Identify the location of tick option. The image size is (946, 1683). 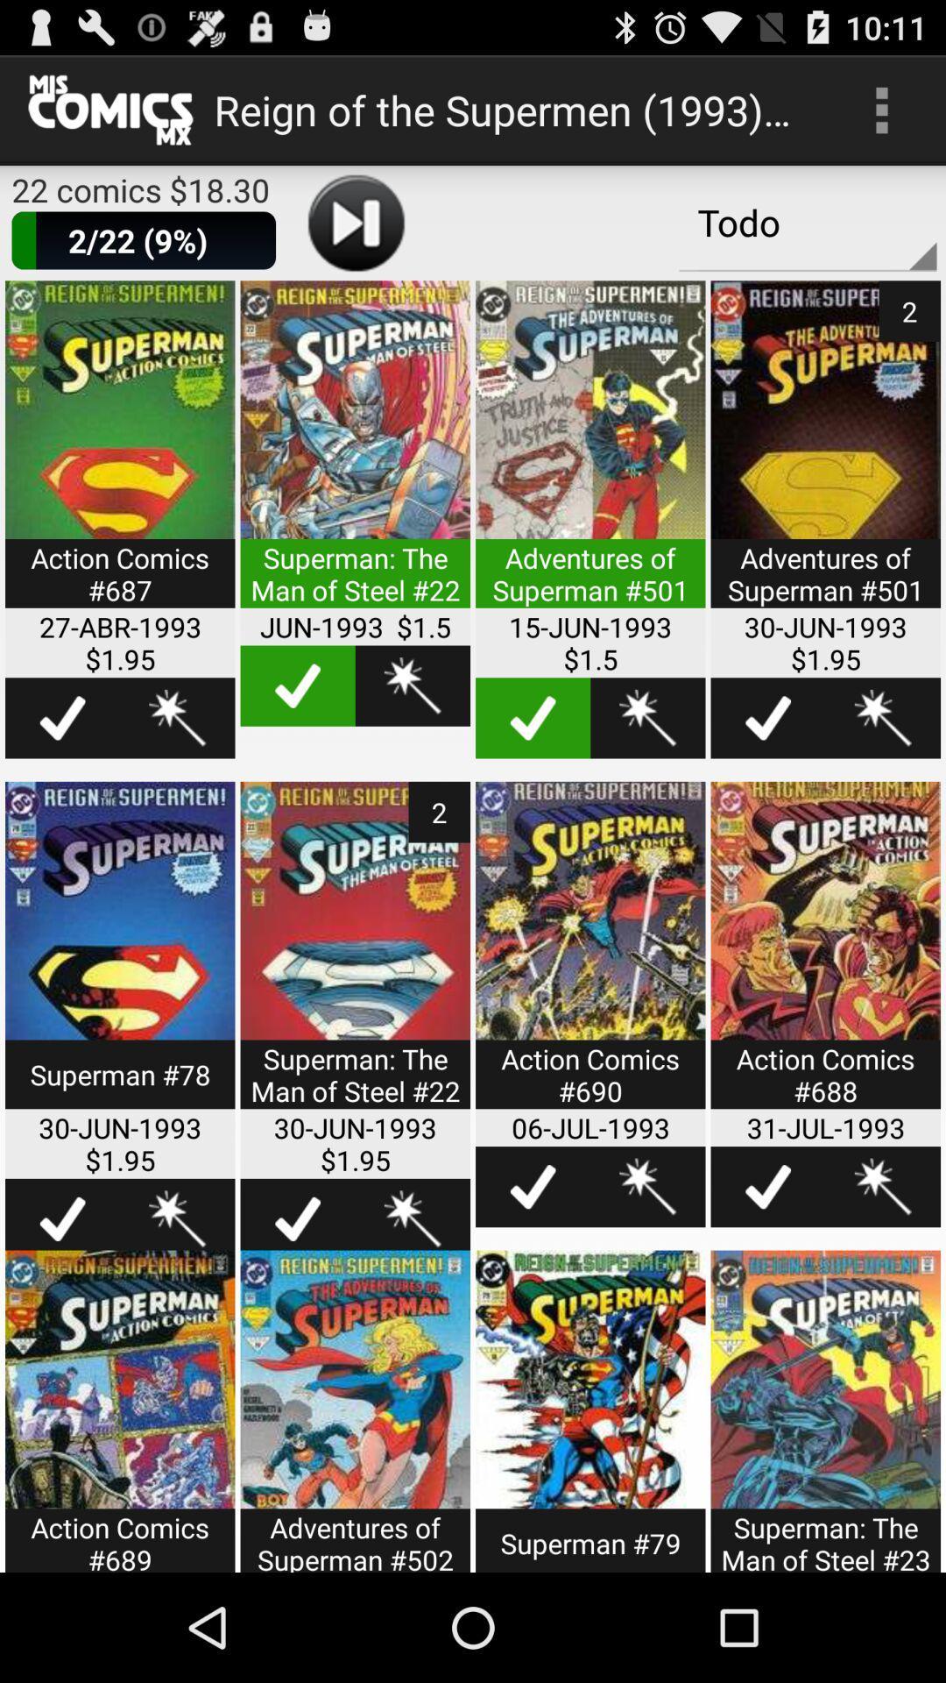
(767, 718).